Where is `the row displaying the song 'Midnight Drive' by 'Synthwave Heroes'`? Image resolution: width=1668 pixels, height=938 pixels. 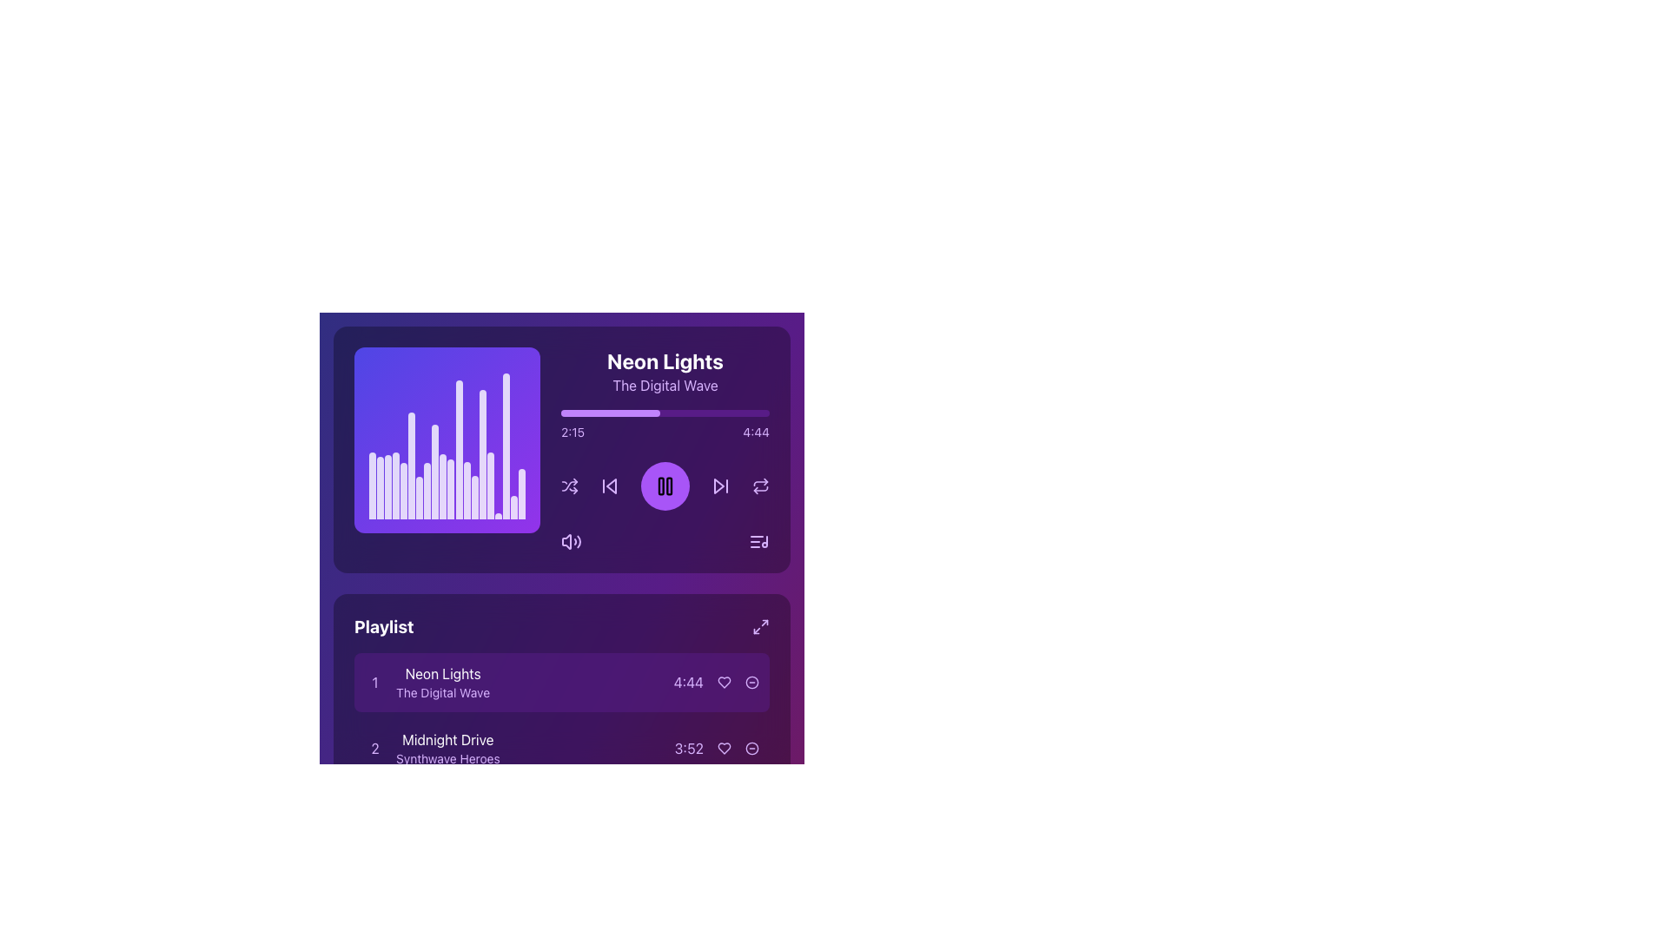 the row displaying the song 'Midnight Drive' by 'Synthwave Heroes' is located at coordinates (562, 747).